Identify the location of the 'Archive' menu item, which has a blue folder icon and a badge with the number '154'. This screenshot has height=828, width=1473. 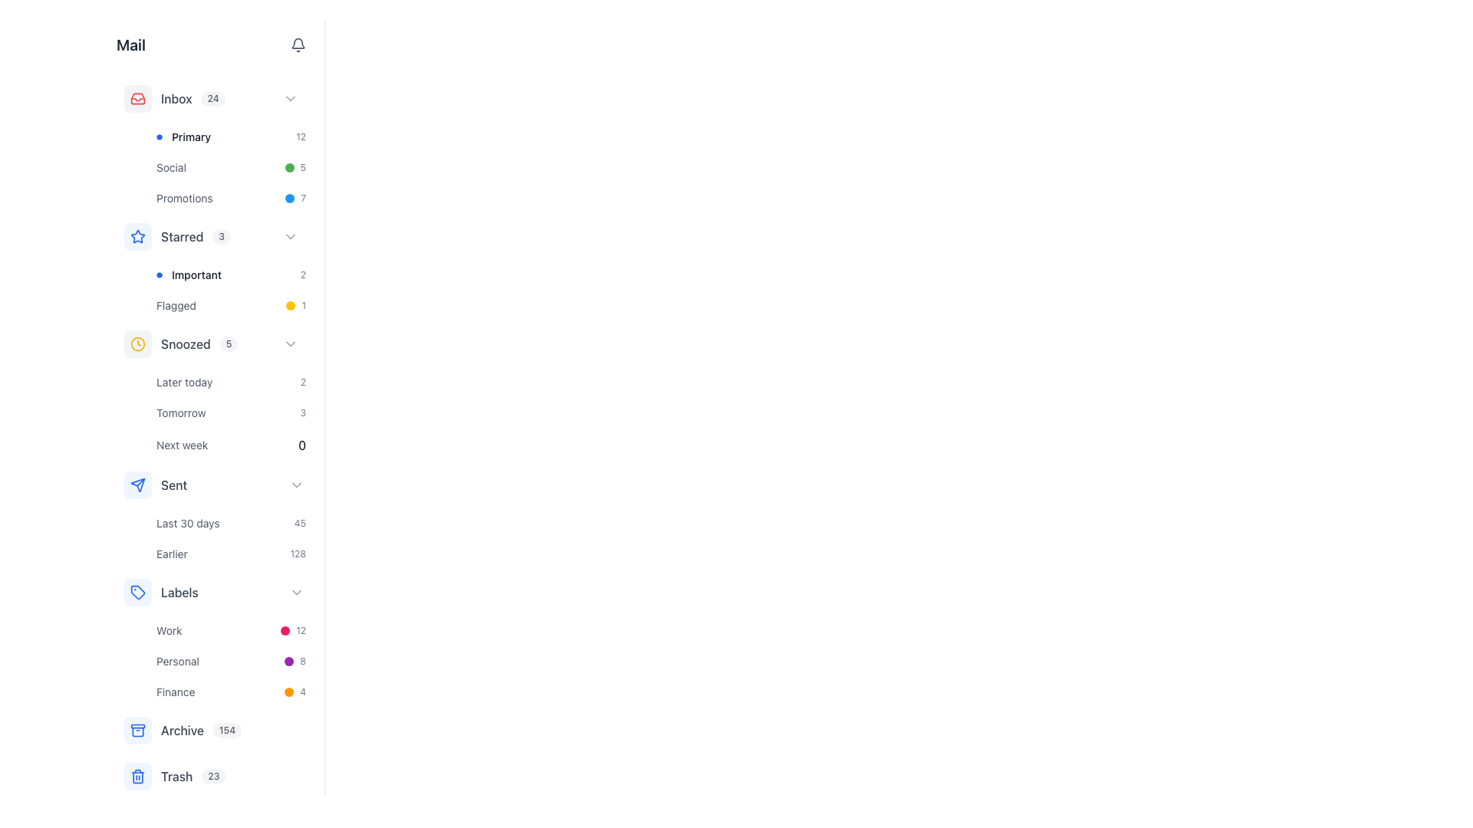
(213, 729).